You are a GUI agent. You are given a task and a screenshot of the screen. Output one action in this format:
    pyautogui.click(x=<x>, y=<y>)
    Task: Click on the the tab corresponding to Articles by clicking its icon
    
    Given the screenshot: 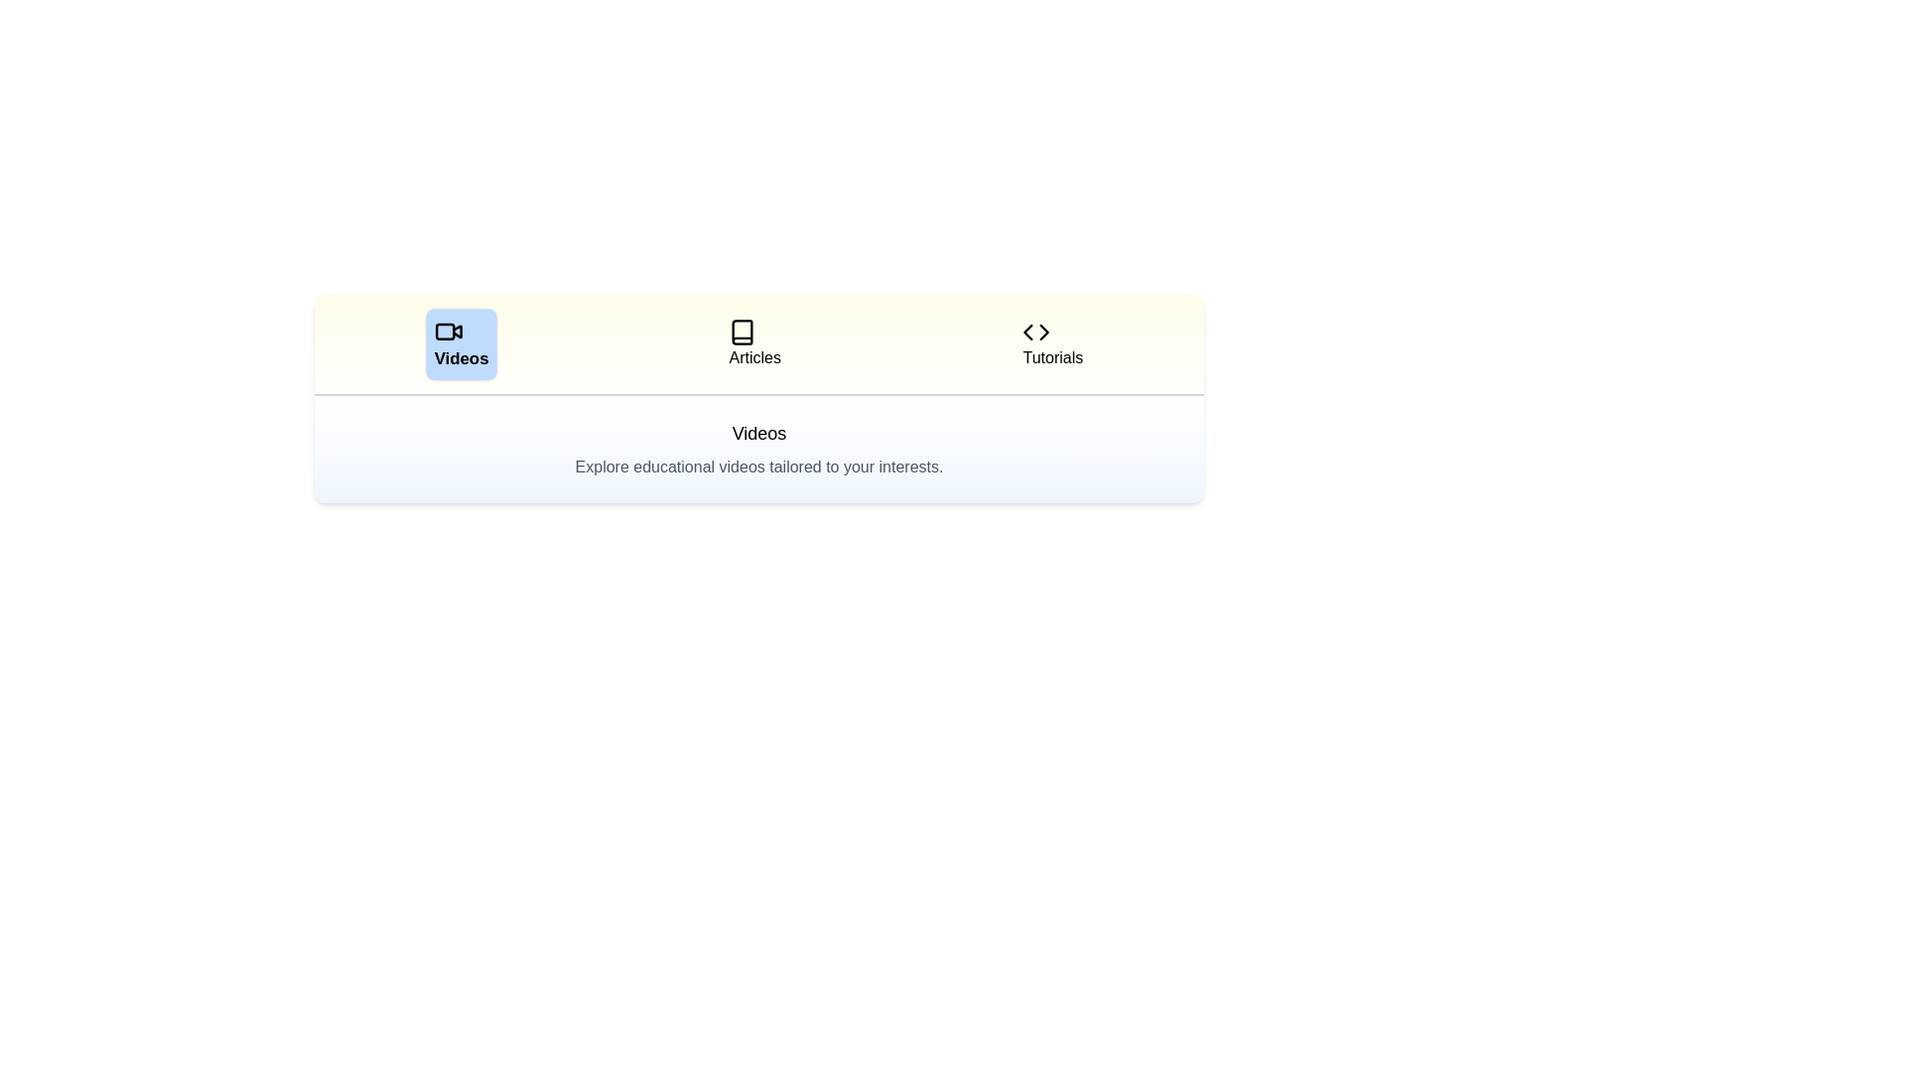 What is the action you would take?
    pyautogui.click(x=752, y=343)
    